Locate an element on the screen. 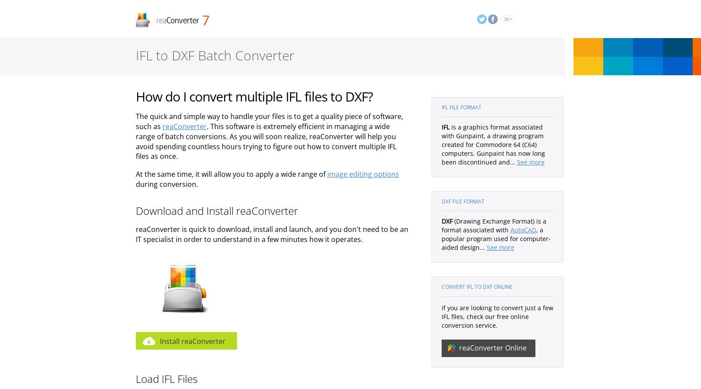 The height and width of the screenshot is (389, 701). 'IFL to DXF Batch Converter' is located at coordinates (135, 55).